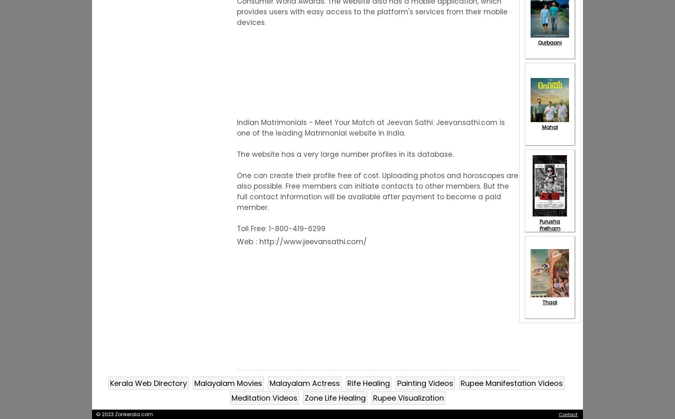 This screenshot has height=419, width=675. What do you see at coordinates (549, 42) in the screenshot?
I see `'Qurbaani'` at bounding box center [549, 42].